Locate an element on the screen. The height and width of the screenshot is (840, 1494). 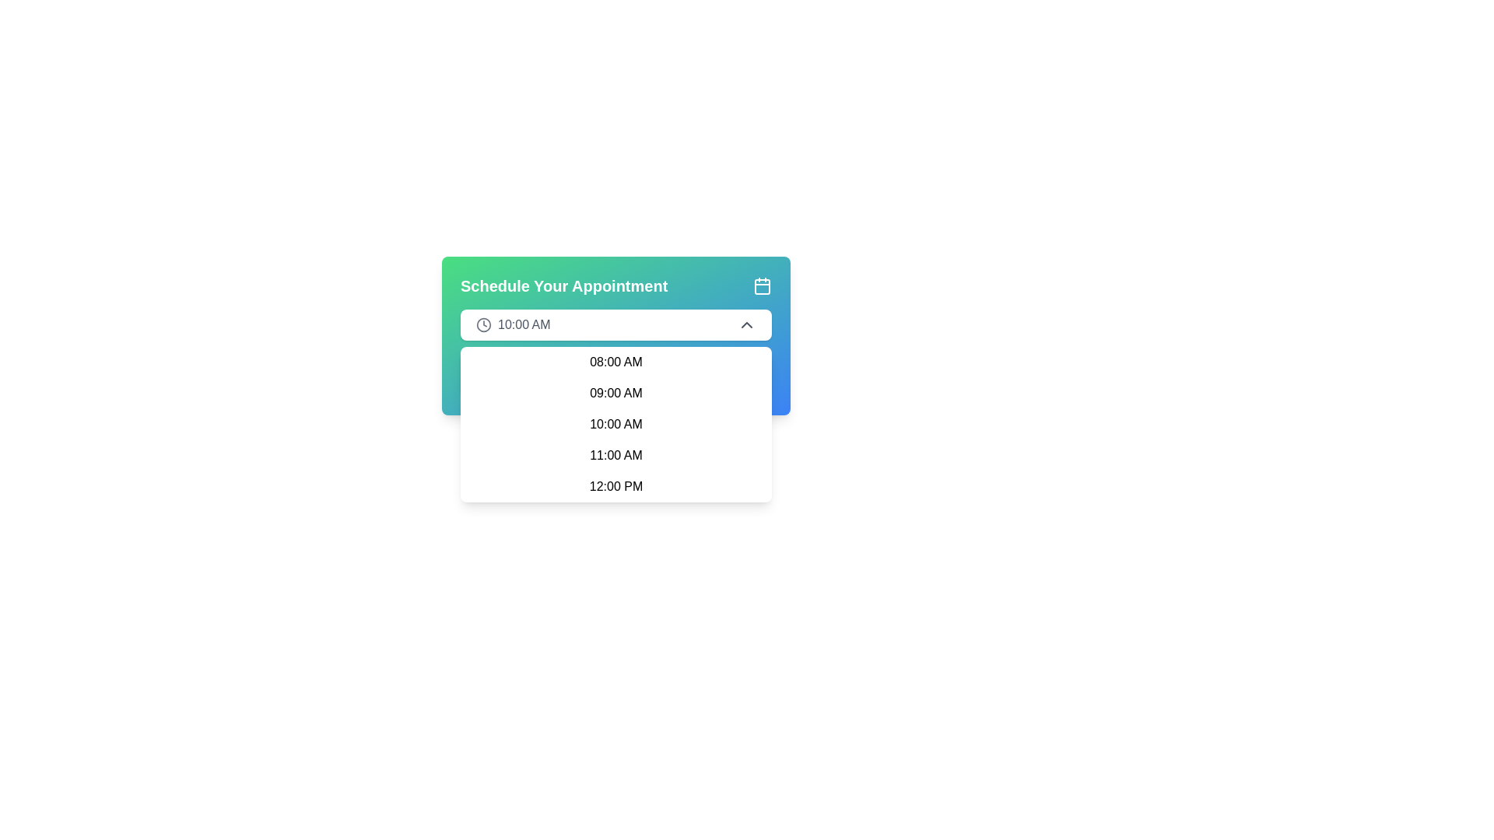
the third option in the time picker dropdown menu is located at coordinates (615, 425).